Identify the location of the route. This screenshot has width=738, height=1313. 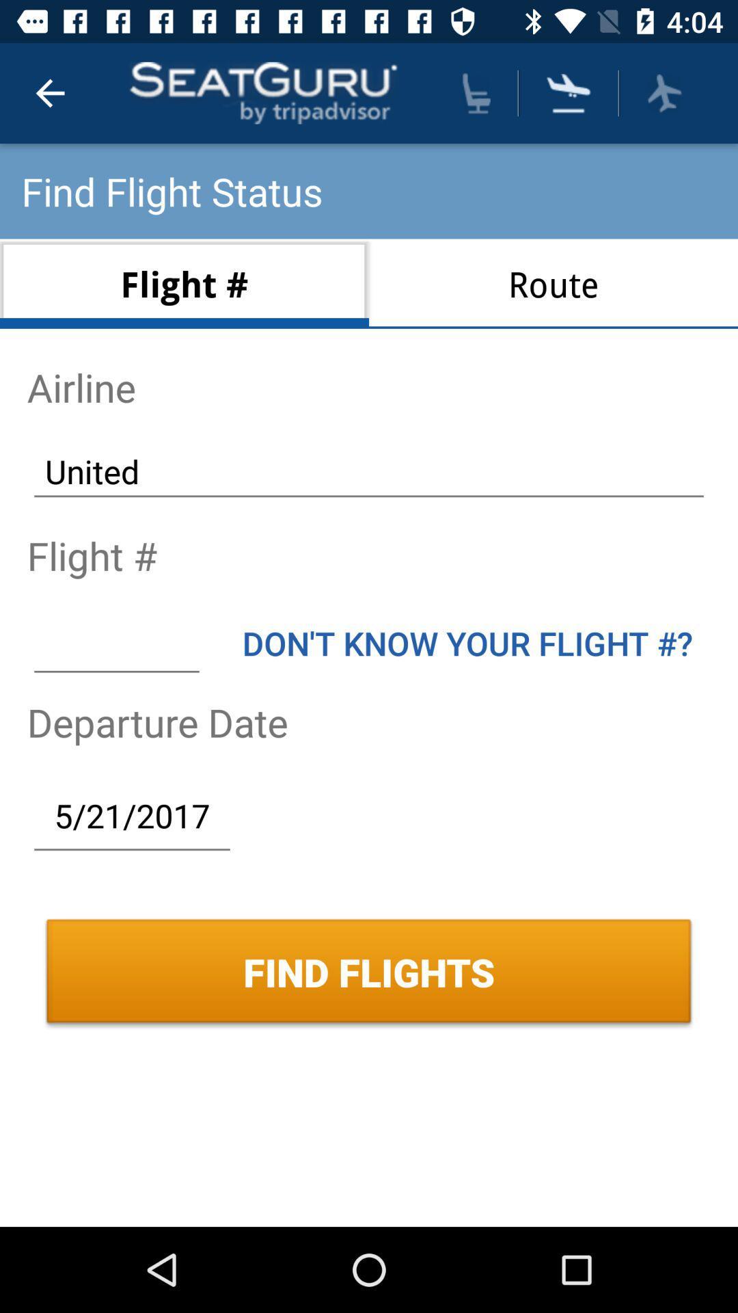
(553, 283).